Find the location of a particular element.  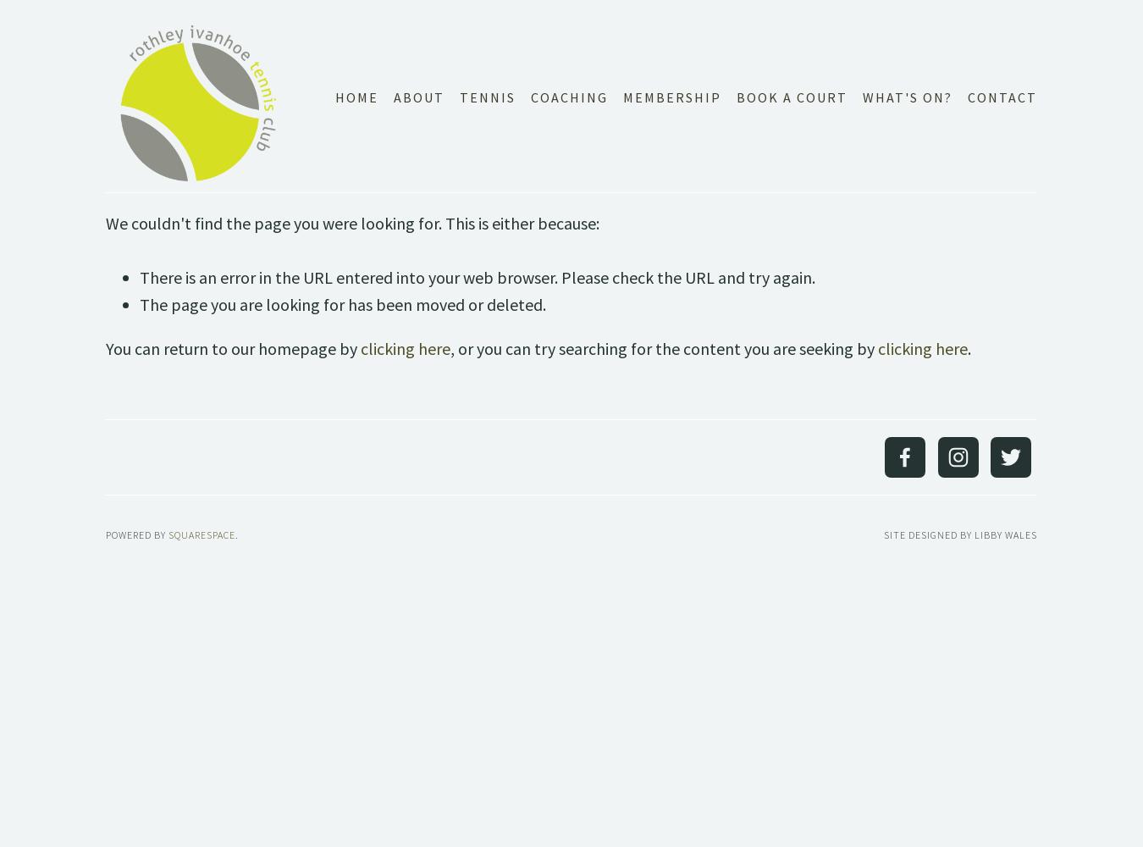

'You can return to our homepage by' is located at coordinates (106, 347).